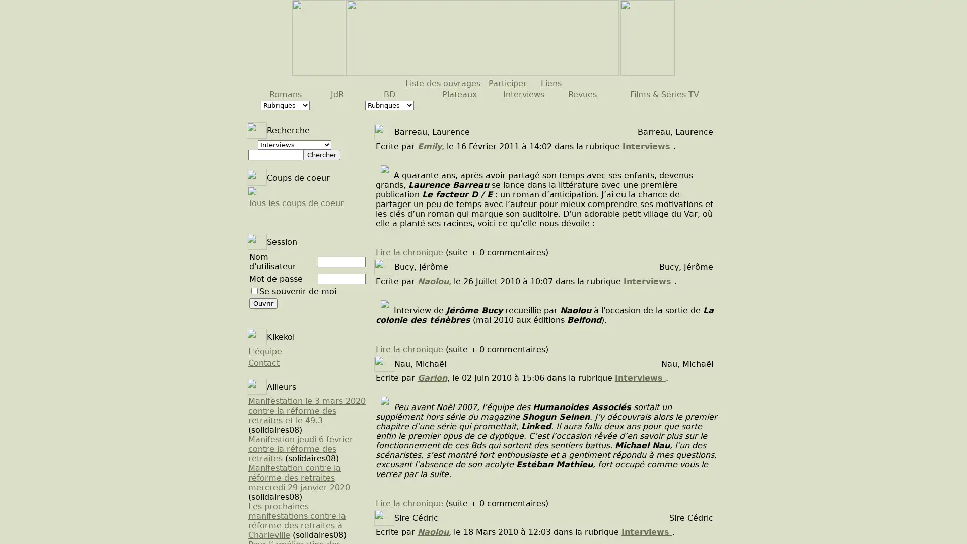  What do you see at coordinates (321, 155) in the screenshot?
I see `Chercher` at bounding box center [321, 155].